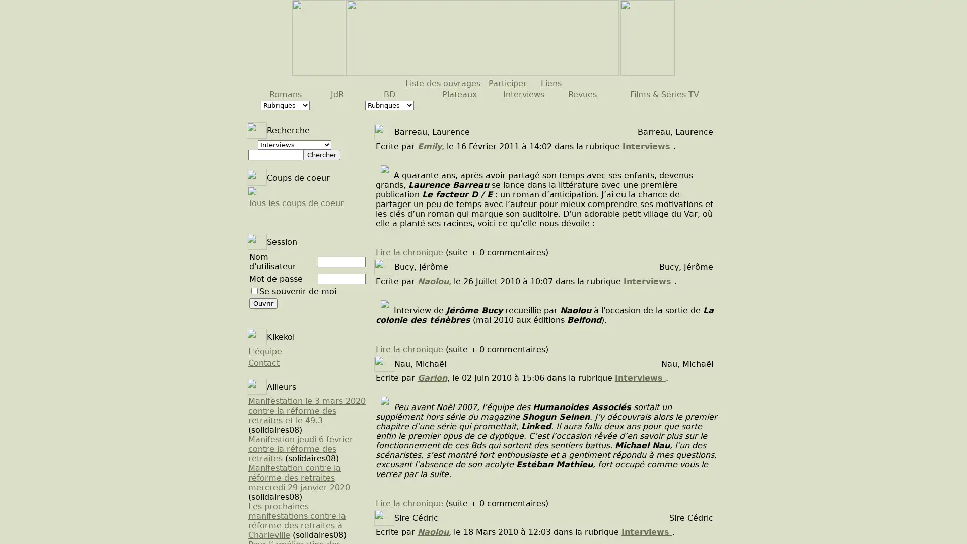  What do you see at coordinates (321, 155) in the screenshot?
I see `Chercher` at bounding box center [321, 155].